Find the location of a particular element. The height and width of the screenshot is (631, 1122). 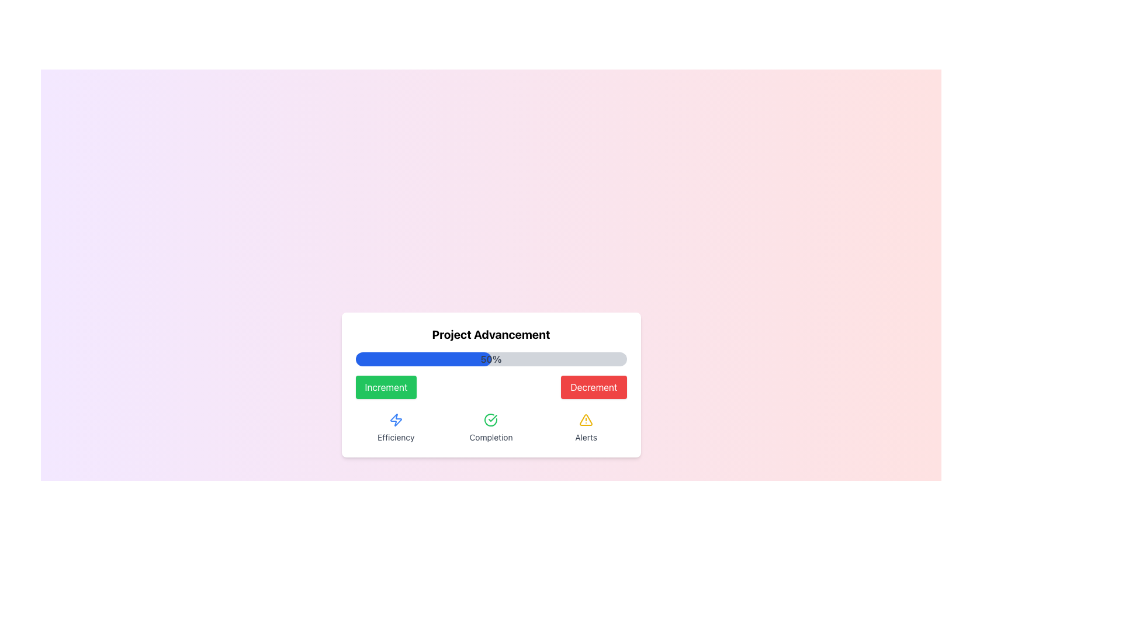

the status of the 'Completion' icon located in the second position of three icons beneath the 'Project Advancement' progress bar is located at coordinates (491, 419).